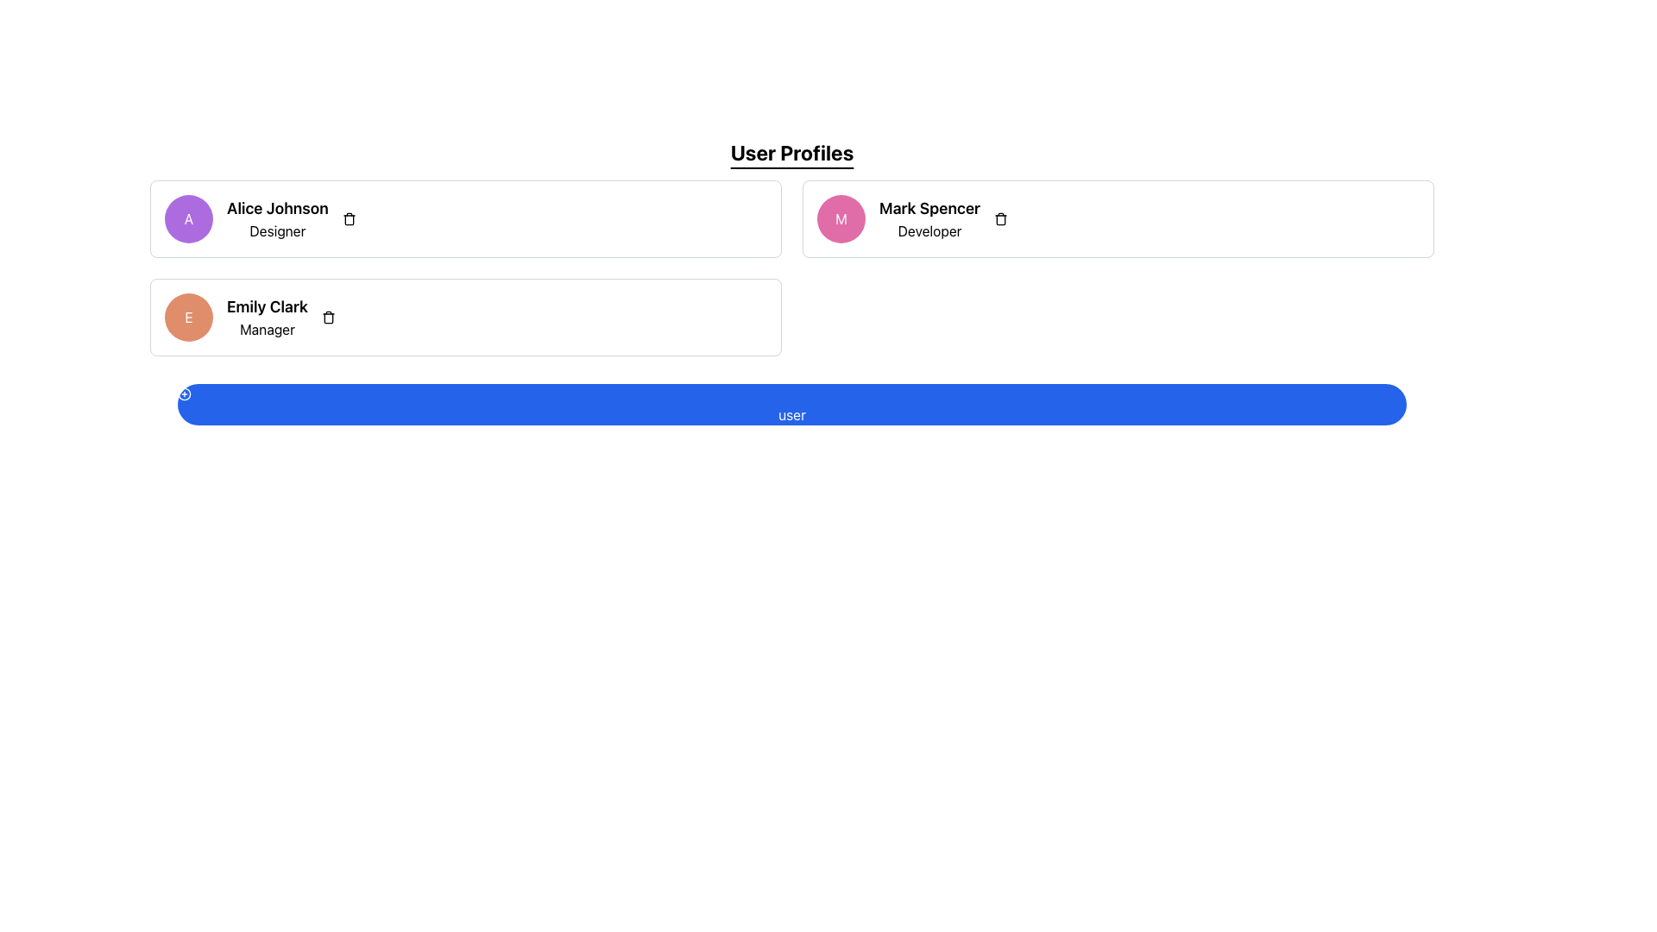 This screenshot has width=1657, height=932. What do you see at coordinates (929, 218) in the screenshot?
I see `the non-interactive text display showing the name 'Mark Spencer' and title 'Developer' located in the second user profile card from the top, positioned to the right of the pink circular icon with the letter 'M'` at bounding box center [929, 218].